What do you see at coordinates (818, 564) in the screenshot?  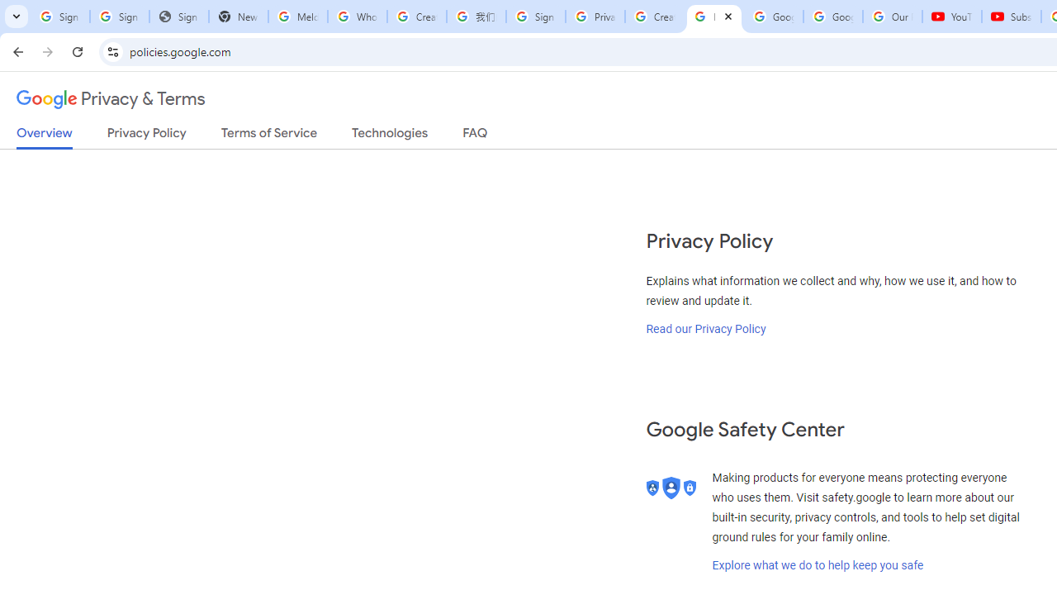 I see `'Explore what we do to help keep you safe'` at bounding box center [818, 564].